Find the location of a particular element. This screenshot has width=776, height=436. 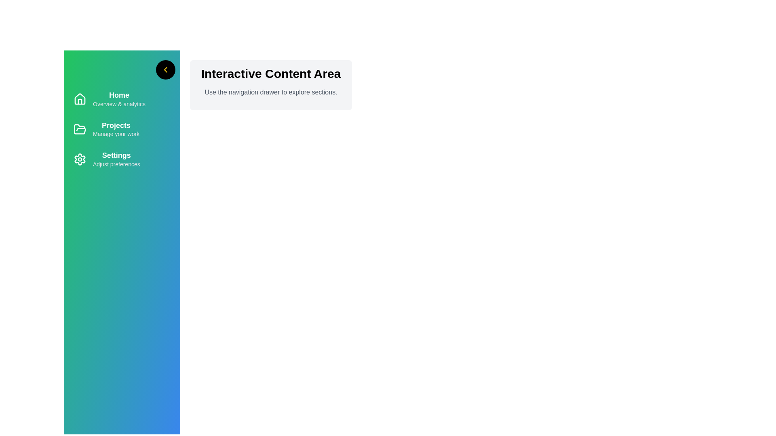

the menu item labeled Home in the navigation drawer is located at coordinates (122, 99).